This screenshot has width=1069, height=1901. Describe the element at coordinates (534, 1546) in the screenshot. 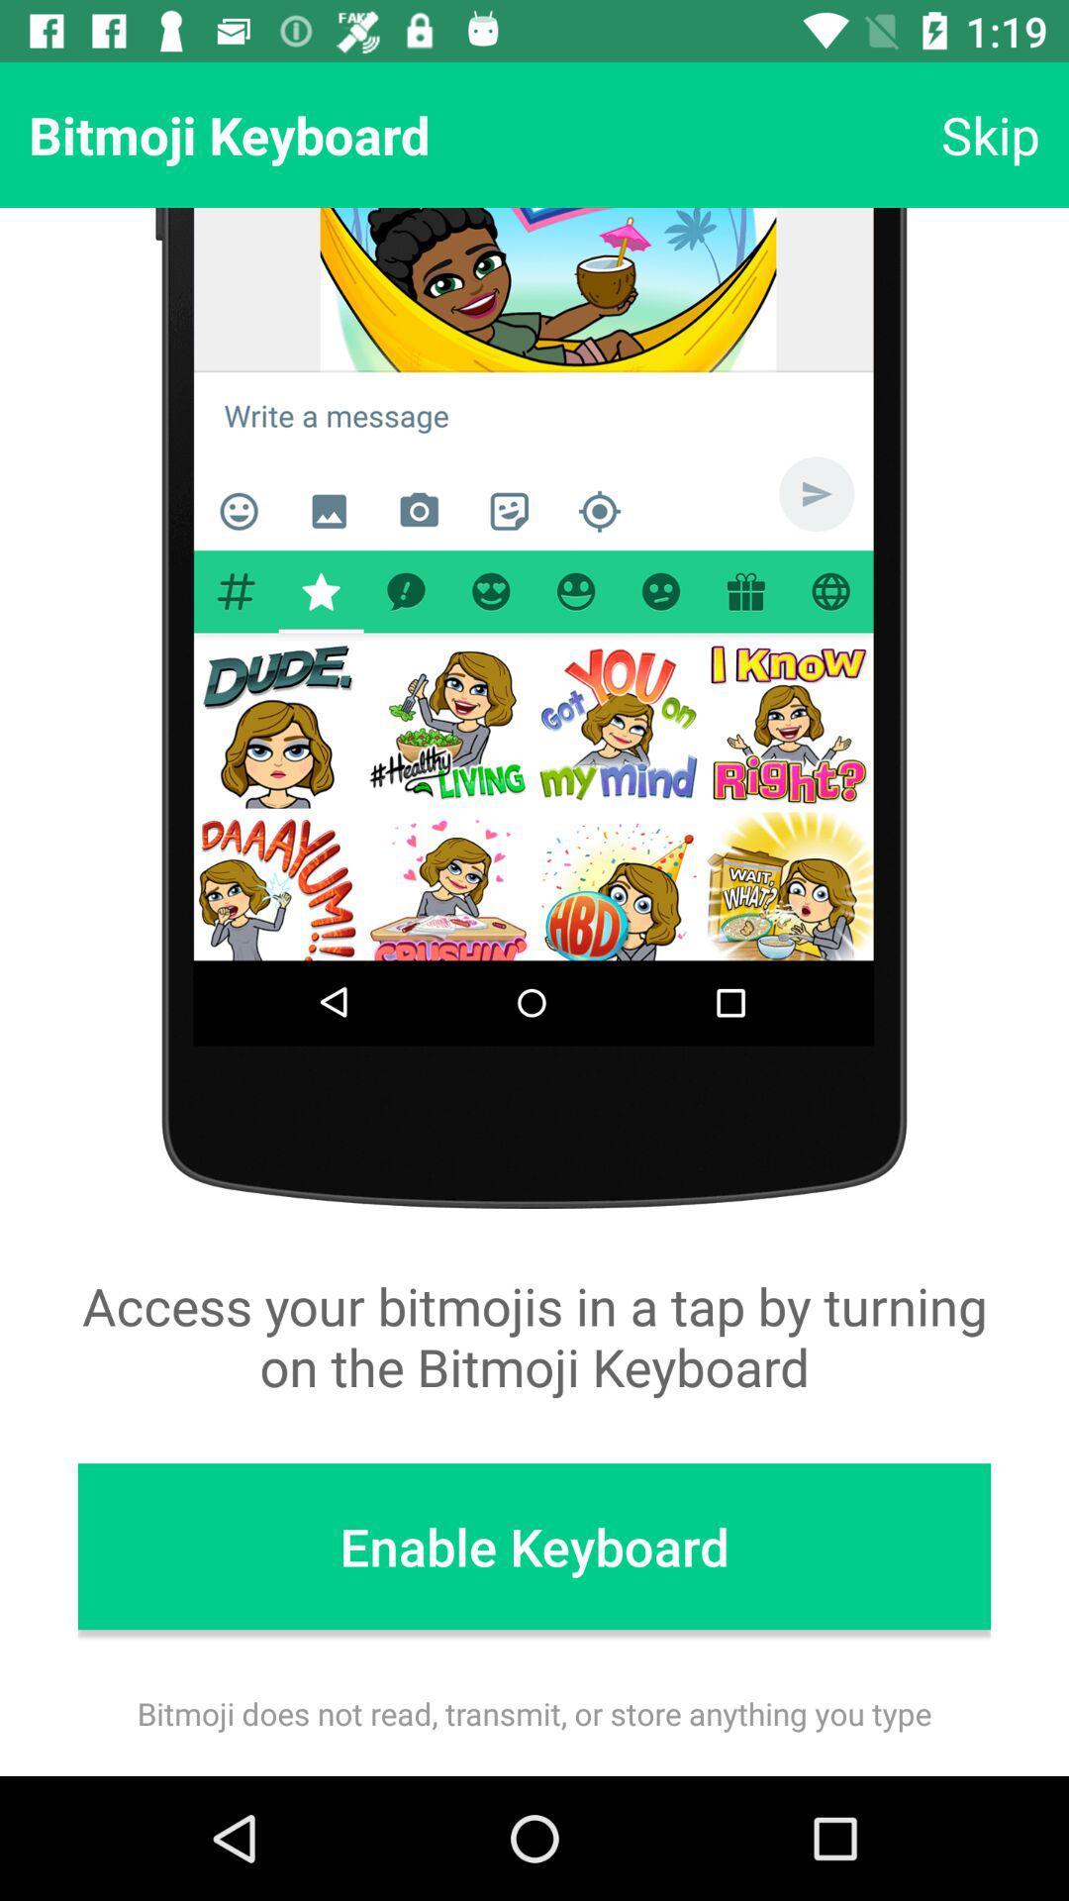

I see `item below access your bitmojis` at that location.